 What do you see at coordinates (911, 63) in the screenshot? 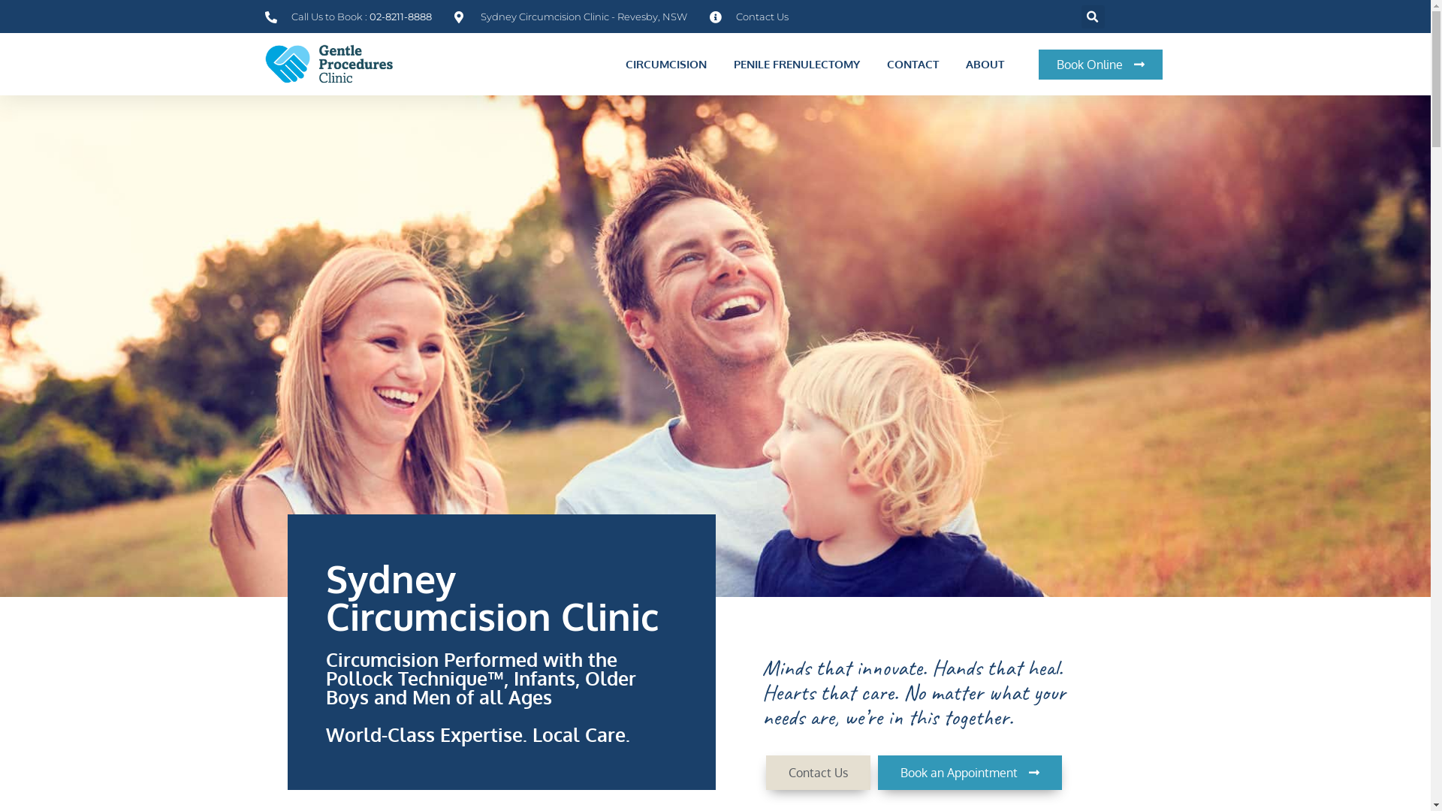
I see `'CONTACT'` at bounding box center [911, 63].